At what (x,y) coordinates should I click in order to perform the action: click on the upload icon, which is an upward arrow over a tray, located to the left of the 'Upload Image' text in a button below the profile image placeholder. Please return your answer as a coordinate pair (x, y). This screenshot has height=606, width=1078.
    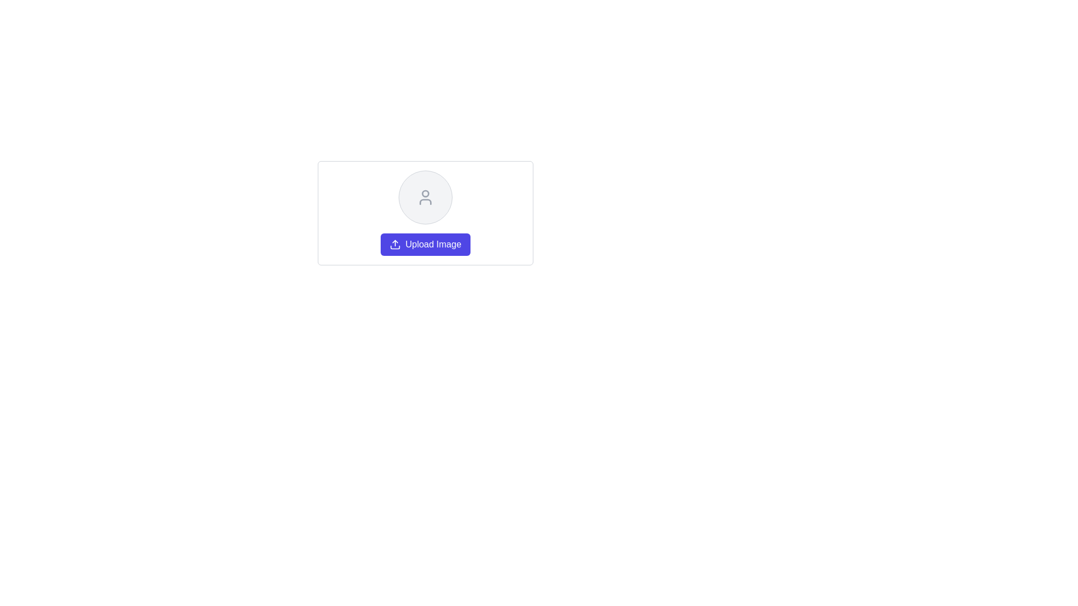
    Looking at the image, I should click on (395, 244).